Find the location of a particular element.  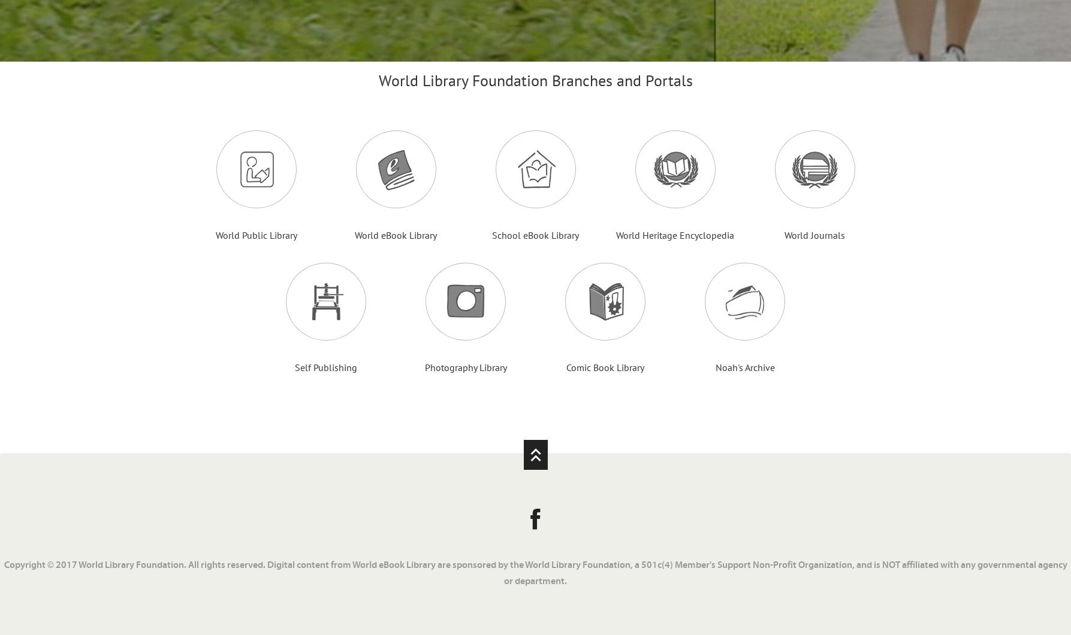

'Comic Book Library' is located at coordinates (605, 366).